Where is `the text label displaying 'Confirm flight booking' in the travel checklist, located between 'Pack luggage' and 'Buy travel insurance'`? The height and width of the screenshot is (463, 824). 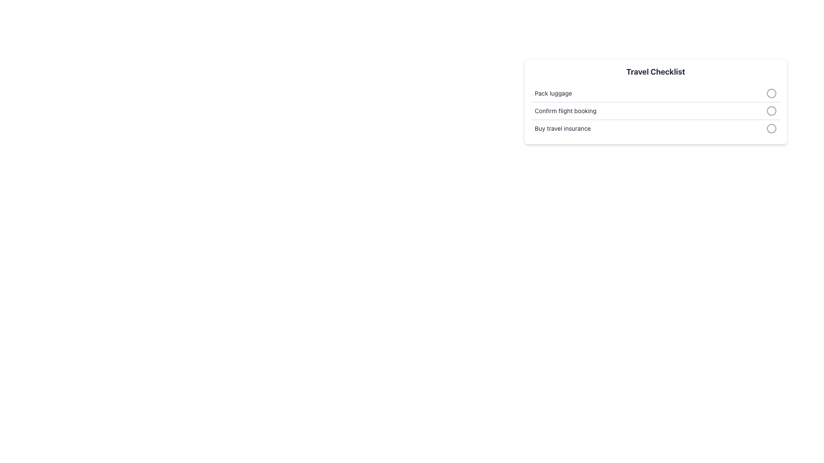
the text label displaying 'Confirm flight booking' in the travel checklist, located between 'Pack luggage' and 'Buy travel insurance' is located at coordinates (566, 110).